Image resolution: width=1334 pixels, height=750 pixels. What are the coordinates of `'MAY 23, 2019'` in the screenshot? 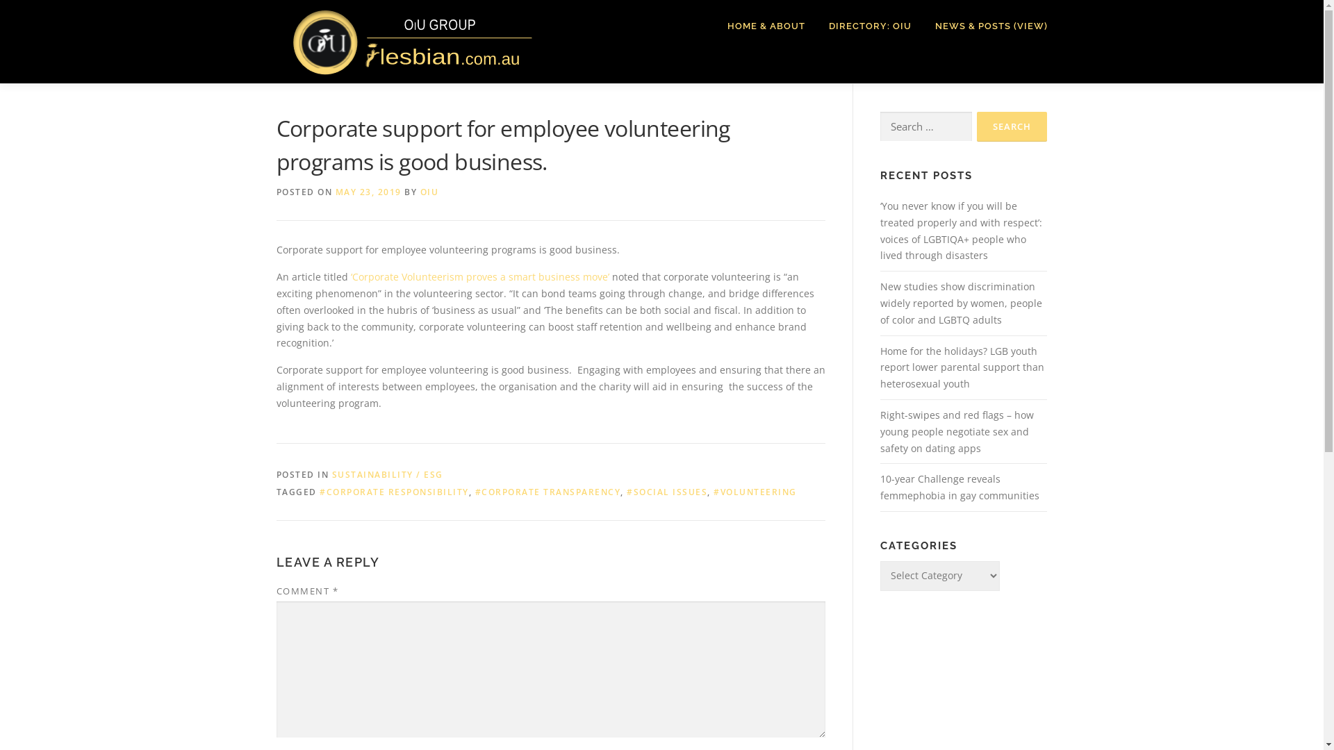 It's located at (368, 192).